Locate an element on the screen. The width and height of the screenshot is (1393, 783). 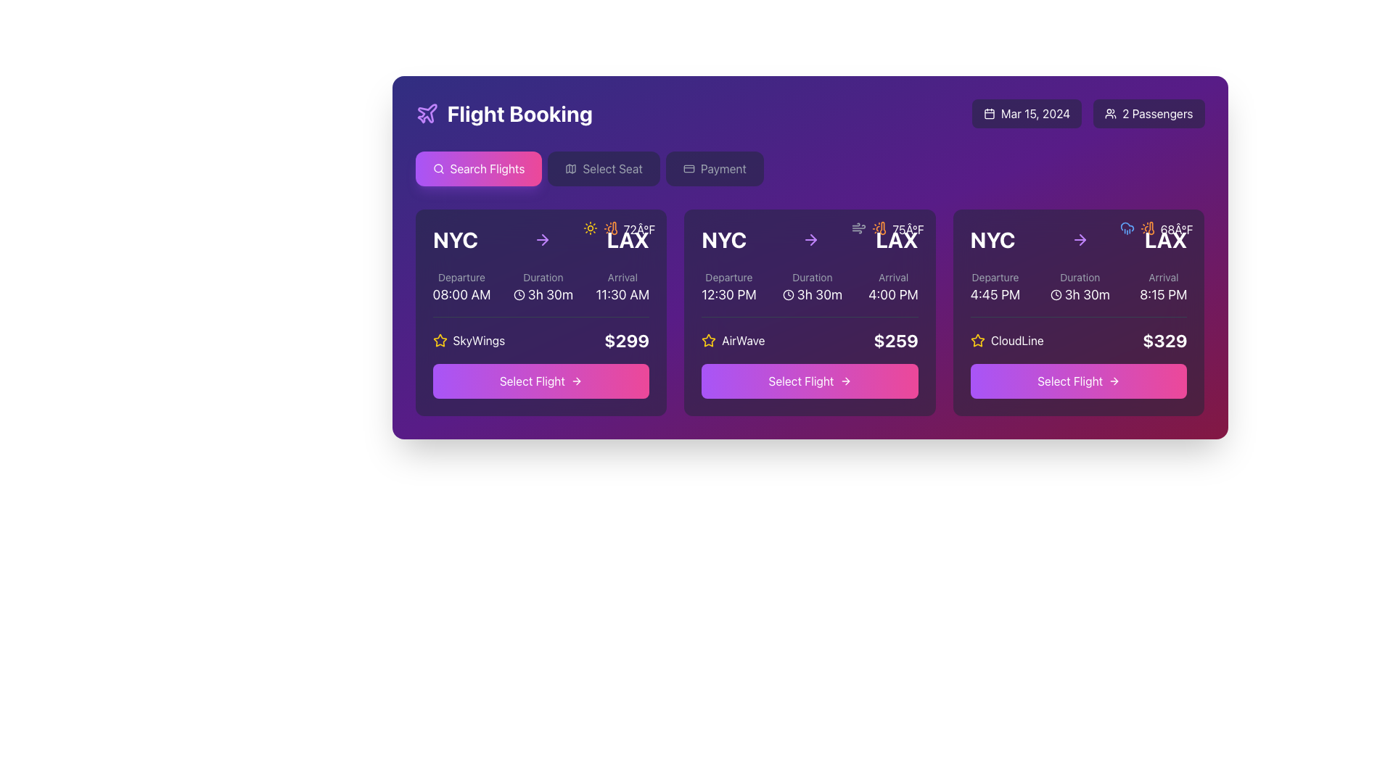
the icon indicating the 'Select Flight' action, which is positioned on the right side of the 'Select Flight' button, located at the bottom of the flight card is located at coordinates (1114, 380).